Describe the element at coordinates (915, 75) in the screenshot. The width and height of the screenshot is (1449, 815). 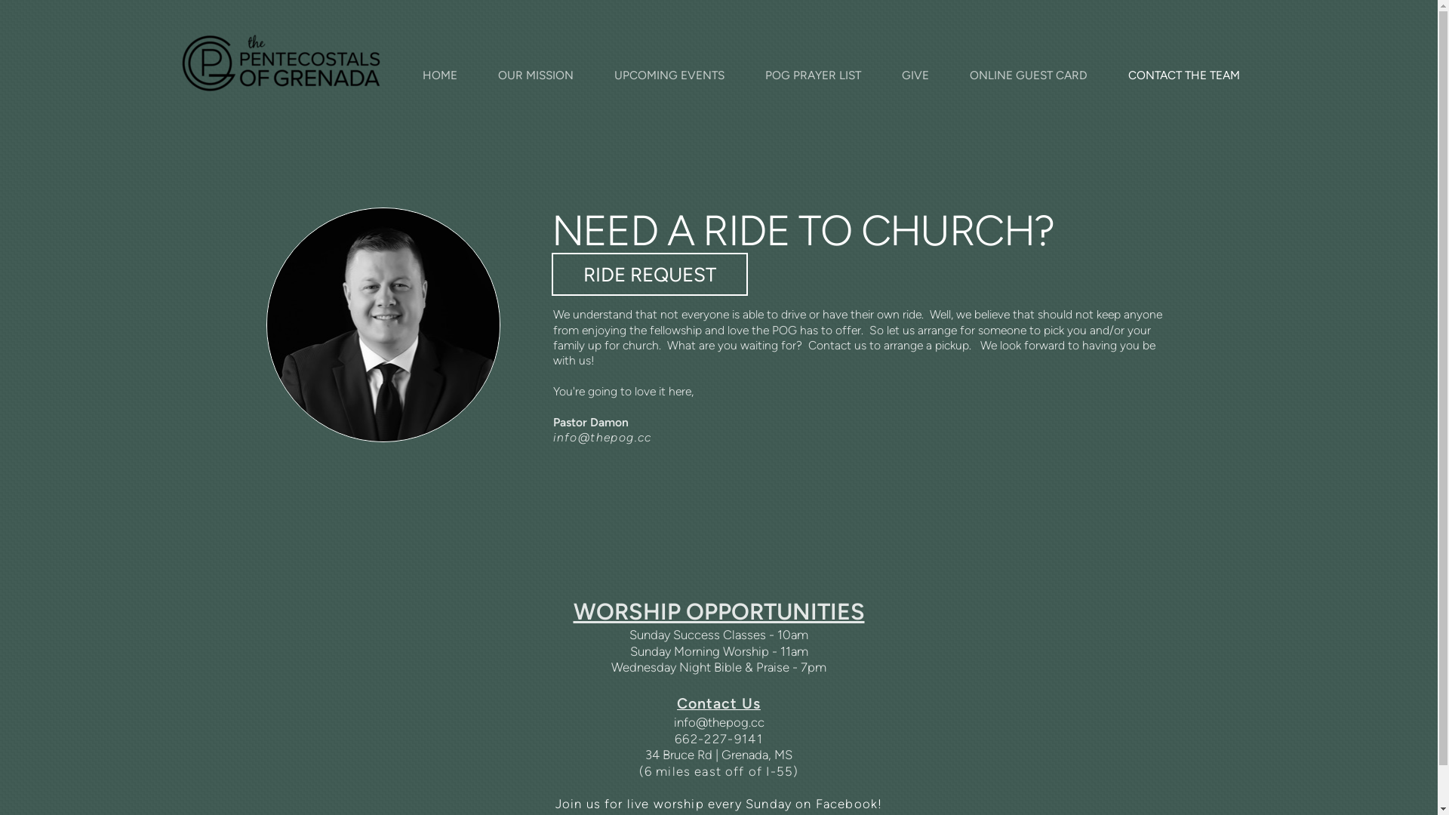
I see `'GIVE'` at that location.